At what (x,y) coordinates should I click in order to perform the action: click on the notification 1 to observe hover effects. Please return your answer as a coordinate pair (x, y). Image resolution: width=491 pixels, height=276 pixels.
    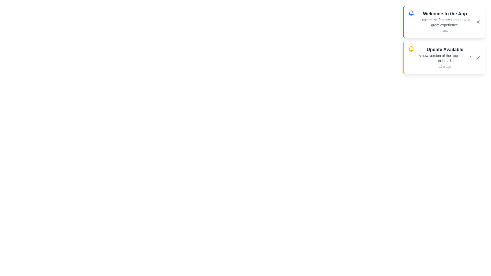
    Looking at the image, I should click on (444, 21).